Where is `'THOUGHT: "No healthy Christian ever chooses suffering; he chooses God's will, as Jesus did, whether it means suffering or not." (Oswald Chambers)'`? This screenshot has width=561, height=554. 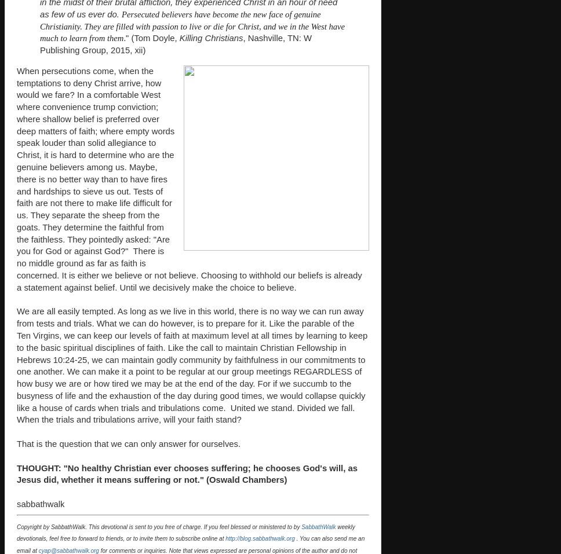
'THOUGHT: "No healthy Christian ever chooses suffering; he chooses God's will, as Jesus did, whether it means suffering or not." (Oswald Chambers)' is located at coordinates (186, 473).